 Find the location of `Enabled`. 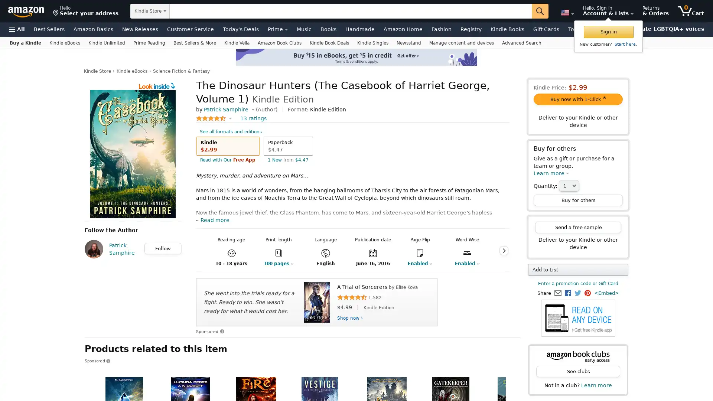

Enabled is located at coordinates (466, 263).